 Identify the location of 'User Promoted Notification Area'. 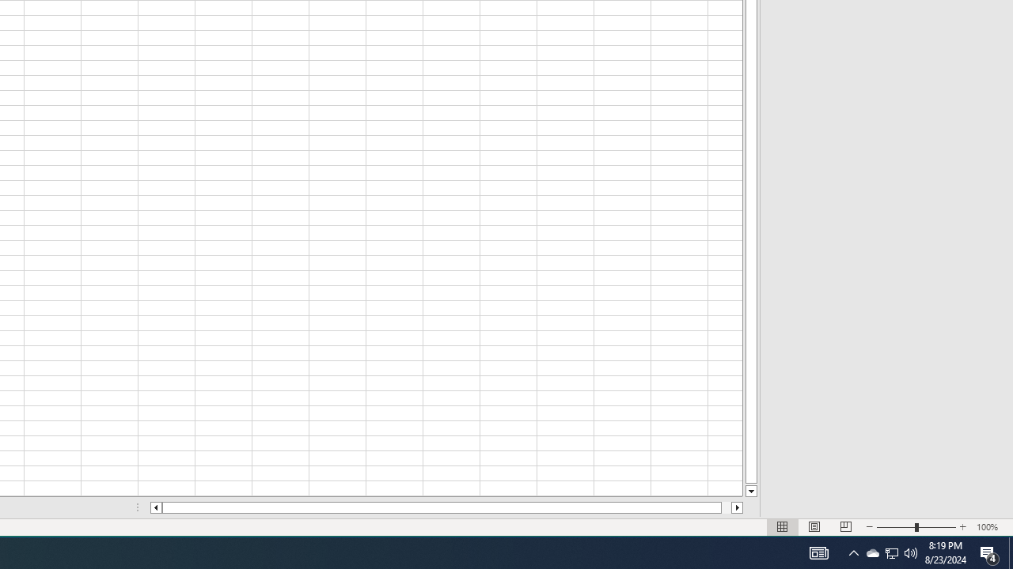
(892, 552).